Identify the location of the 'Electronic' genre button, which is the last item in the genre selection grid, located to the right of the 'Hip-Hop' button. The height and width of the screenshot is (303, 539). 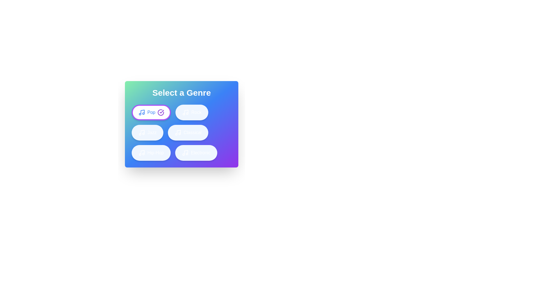
(196, 153).